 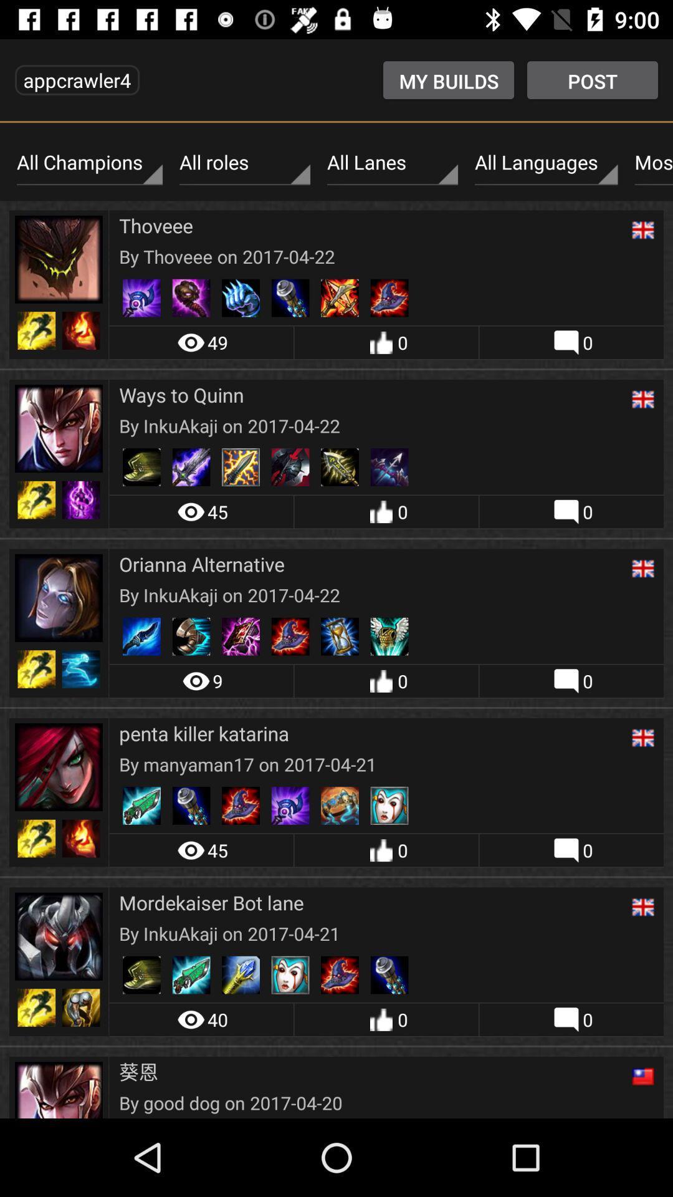 What do you see at coordinates (650, 162) in the screenshot?
I see `icon to the right of the all languages` at bounding box center [650, 162].